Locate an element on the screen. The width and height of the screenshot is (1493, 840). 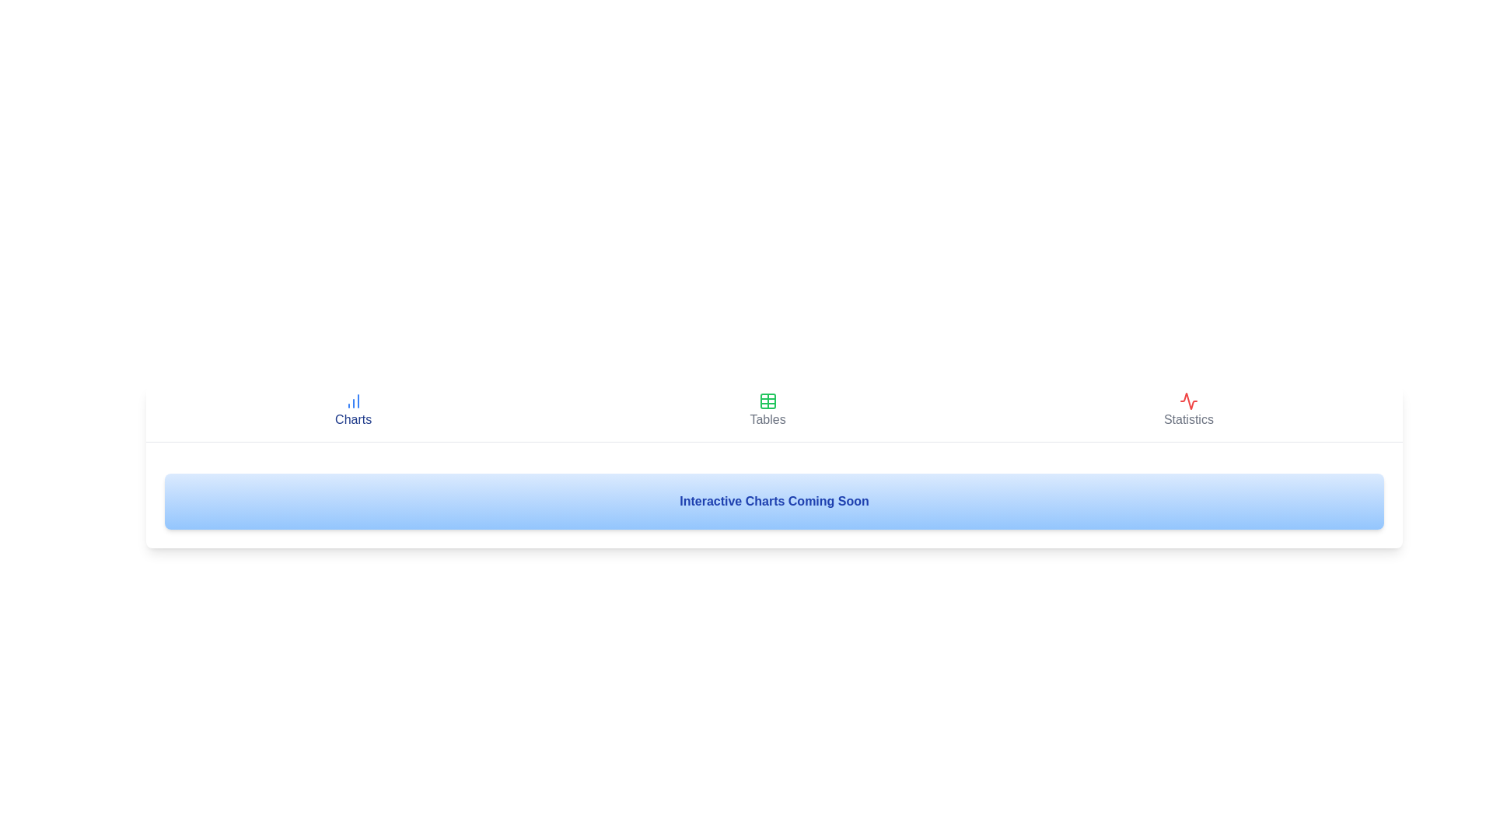
the Statistics tab by clicking on its label is located at coordinates (1187, 410).